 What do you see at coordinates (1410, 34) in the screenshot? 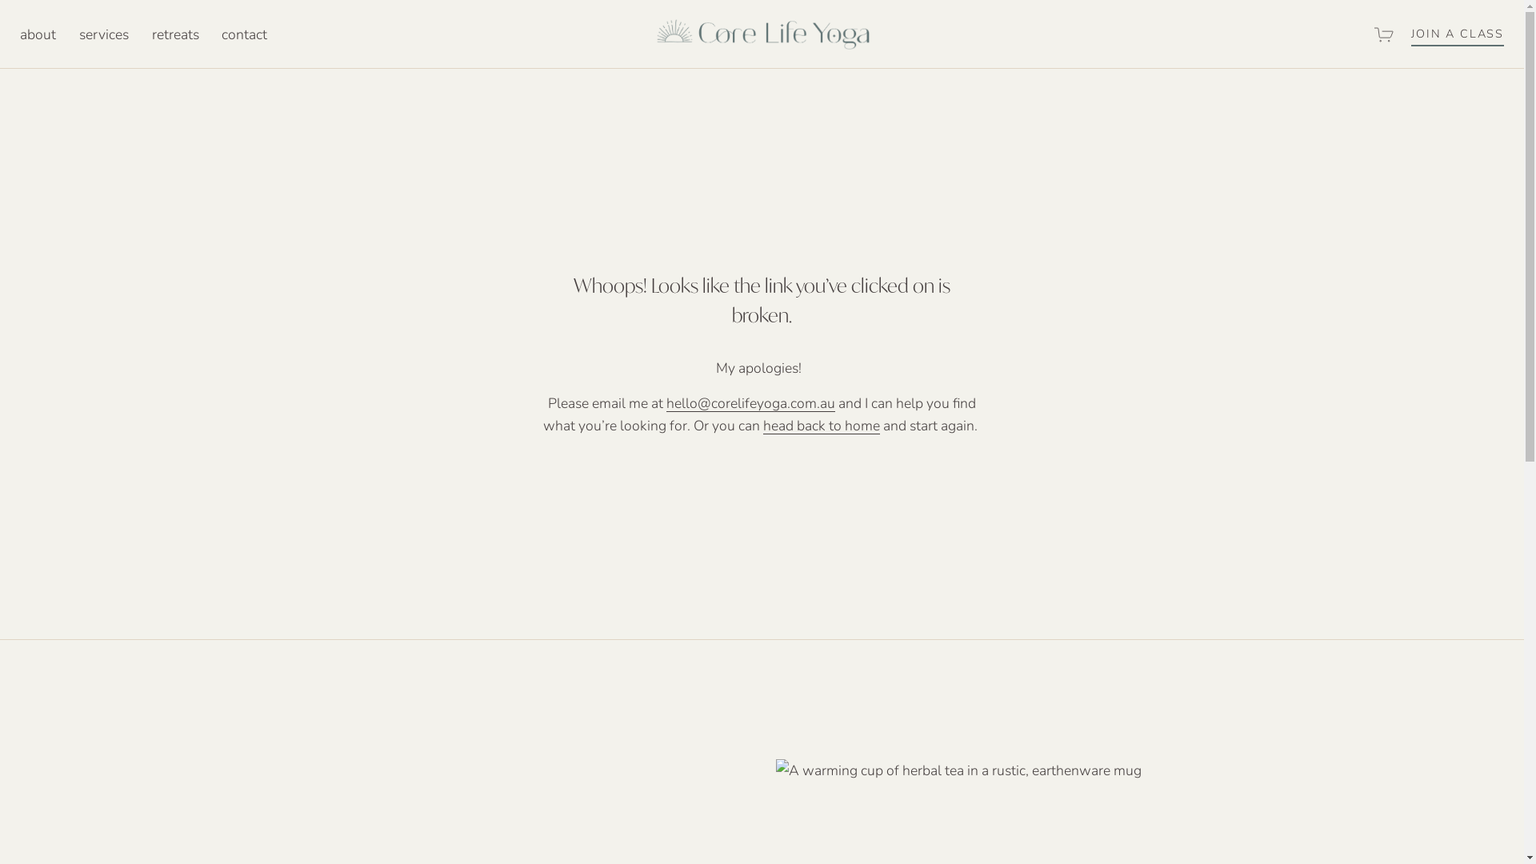
I see `'JOIN A CLASS'` at bounding box center [1410, 34].